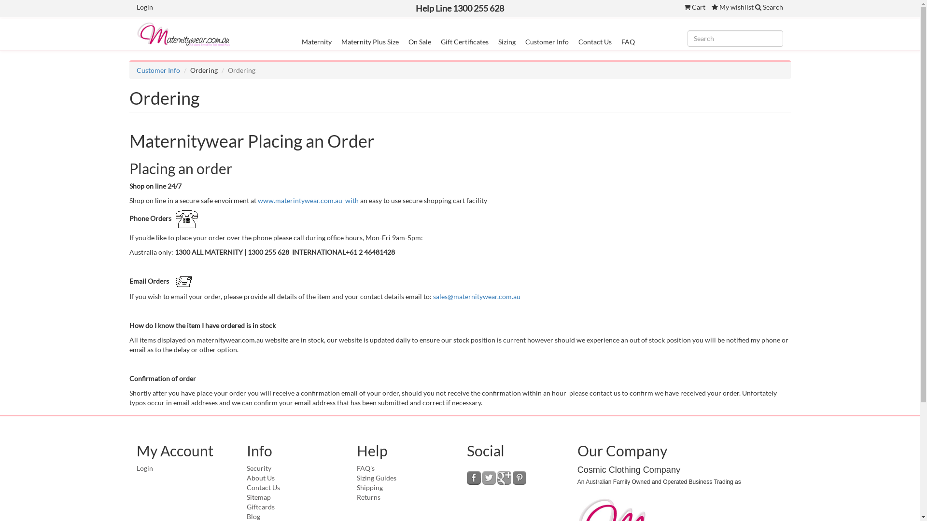  What do you see at coordinates (263, 487) in the screenshot?
I see `'Contact Us'` at bounding box center [263, 487].